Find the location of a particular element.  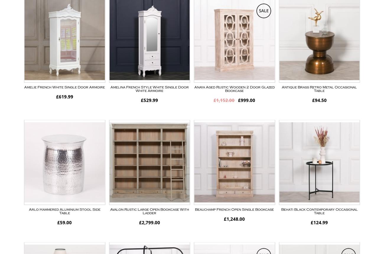

'619.99' is located at coordinates (65, 96).